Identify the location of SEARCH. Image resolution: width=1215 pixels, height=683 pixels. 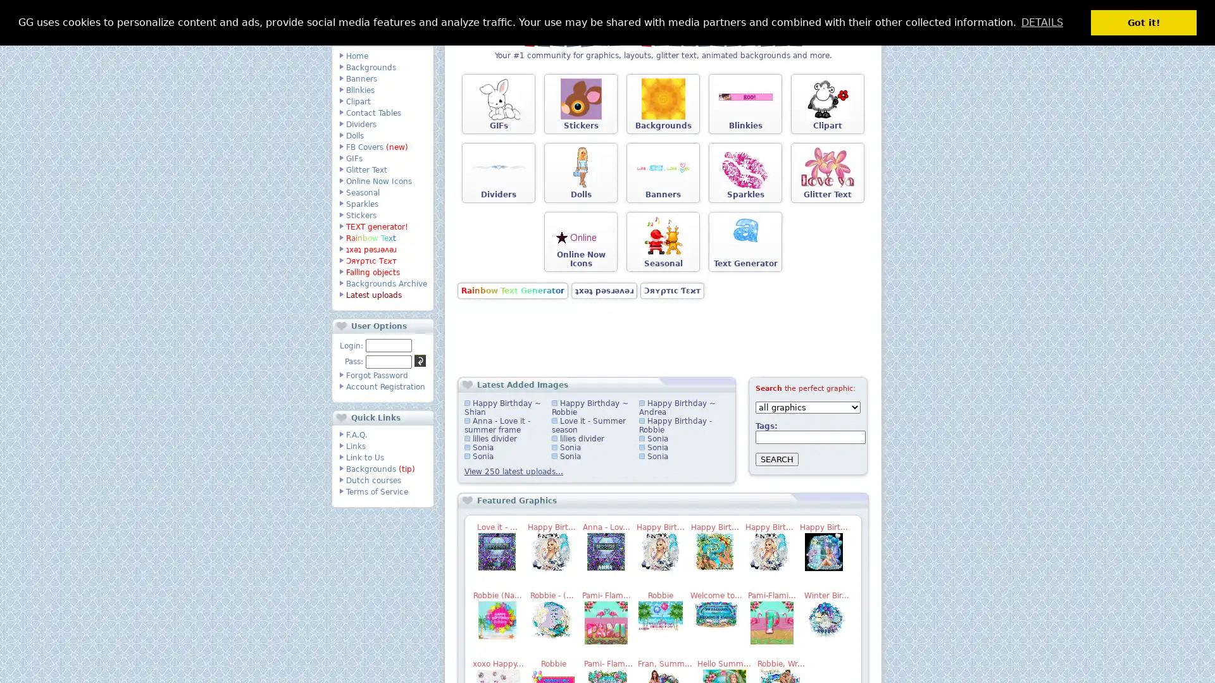
(776, 459).